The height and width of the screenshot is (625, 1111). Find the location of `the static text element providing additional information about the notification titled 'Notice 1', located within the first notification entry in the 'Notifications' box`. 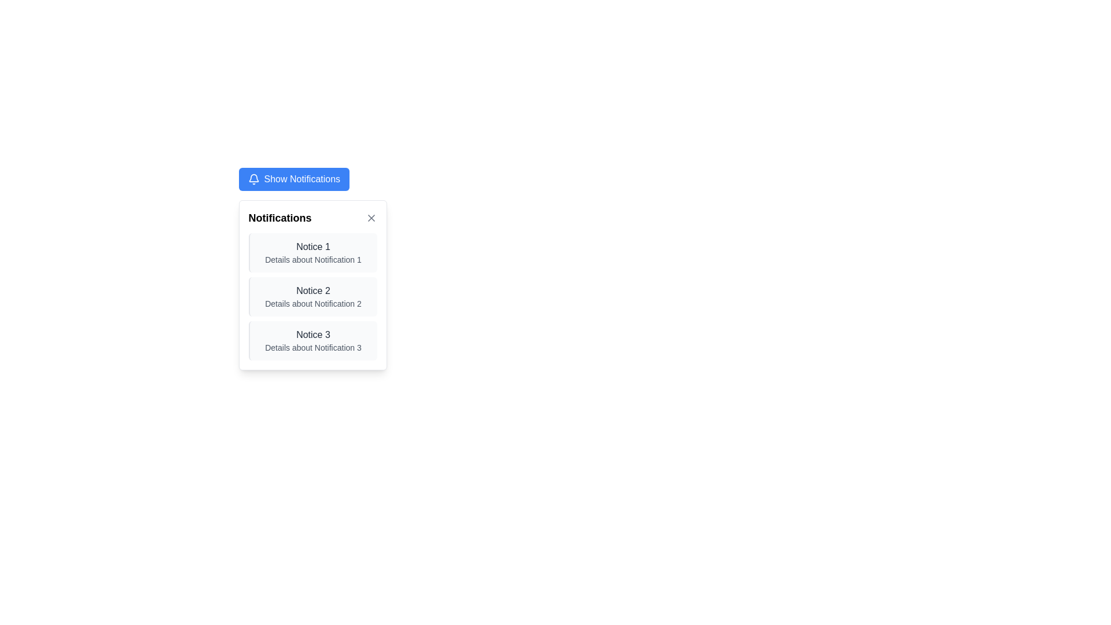

the static text element providing additional information about the notification titled 'Notice 1', located within the first notification entry in the 'Notifications' box is located at coordinates (313, 259).